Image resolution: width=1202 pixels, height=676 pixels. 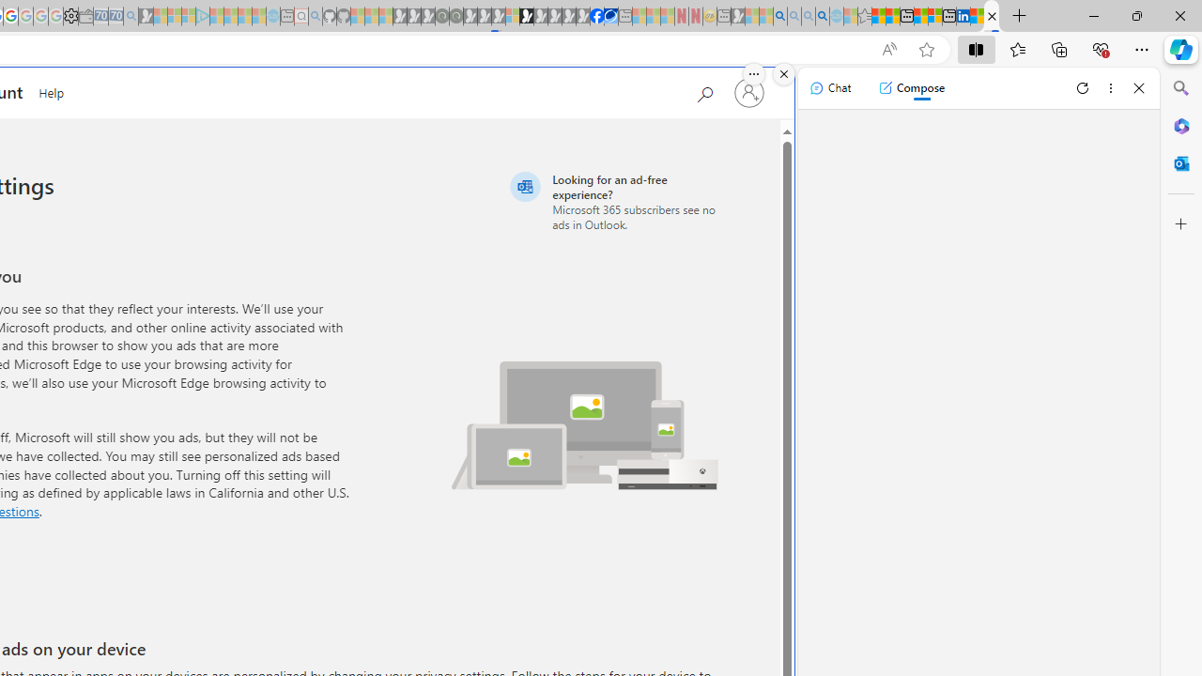 I want to click on 'Search Microsoft.com', so click(x=703, y=91).